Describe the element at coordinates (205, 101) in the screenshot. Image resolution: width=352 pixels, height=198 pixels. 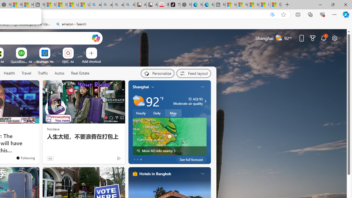
I see `'Class: weather-arrow-glyph'` at that location.